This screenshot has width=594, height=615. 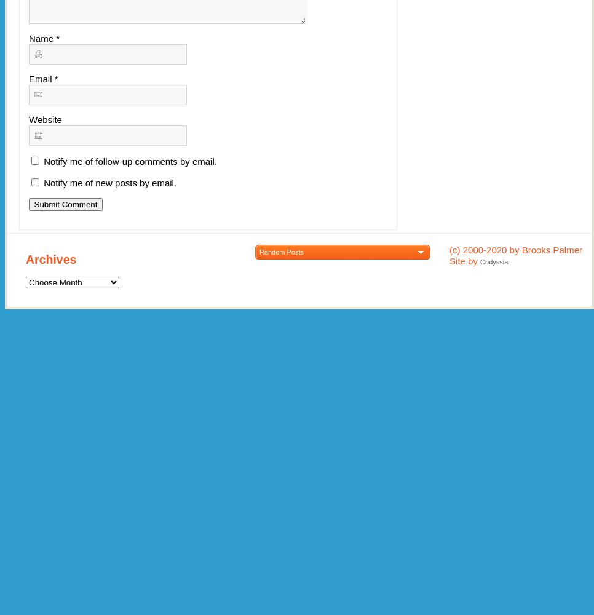 I want to click on 'Site by', so click(x=464, y=261).